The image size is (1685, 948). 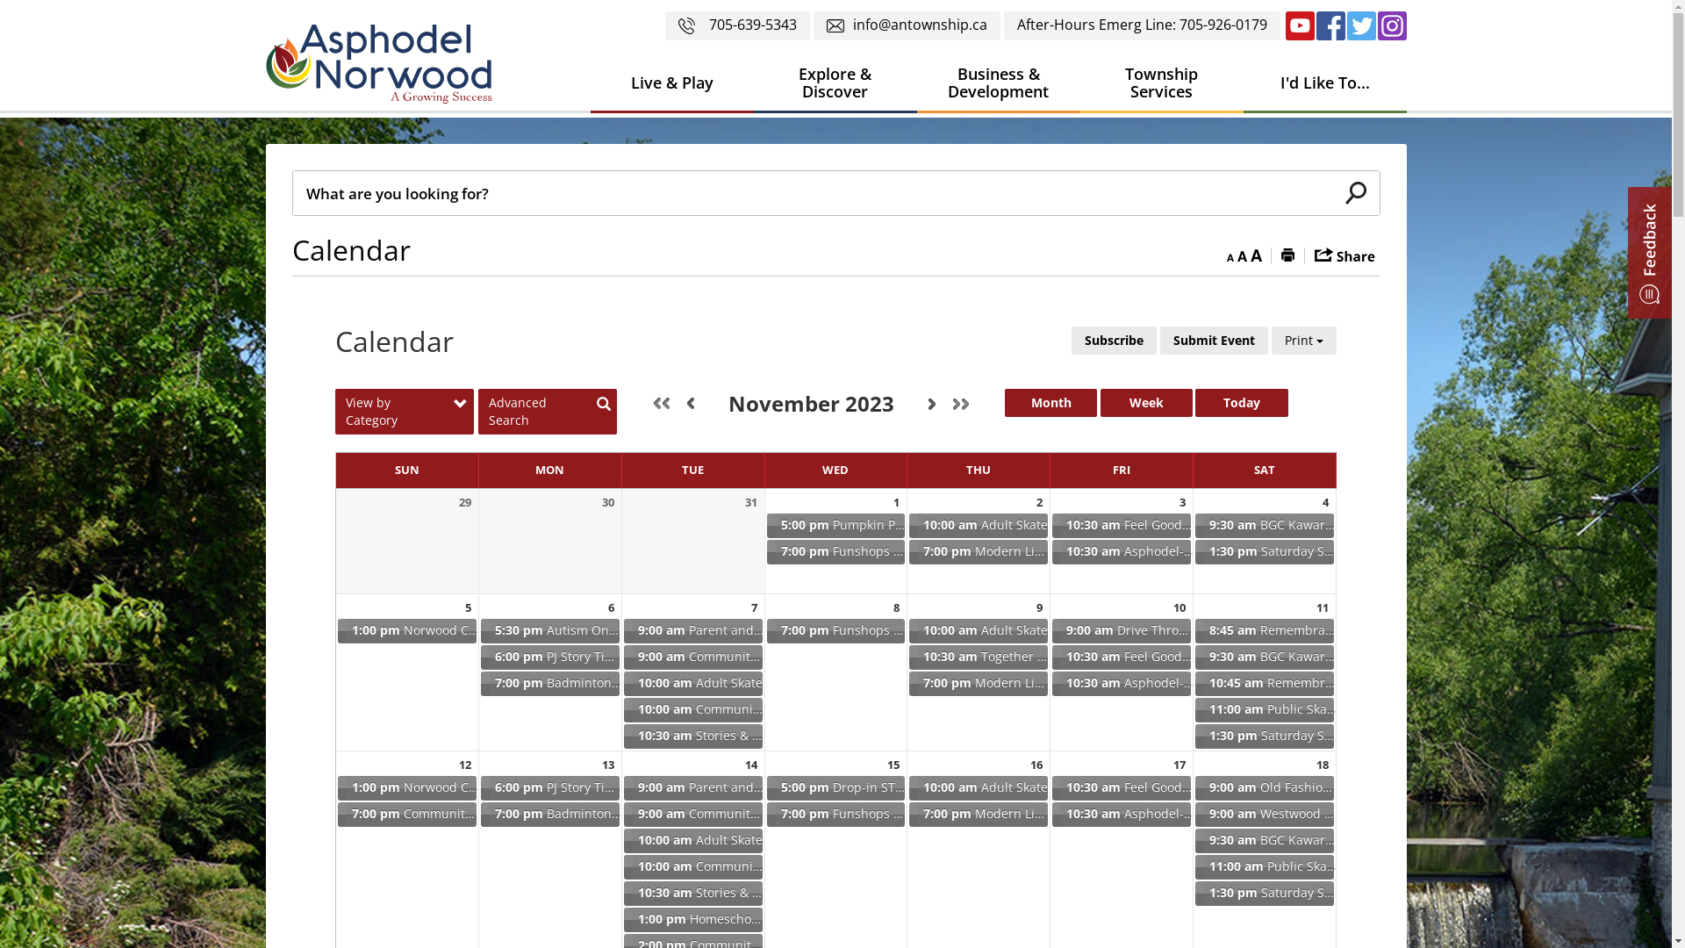 I want to click on 'Today', so click(x=1240, y=403).